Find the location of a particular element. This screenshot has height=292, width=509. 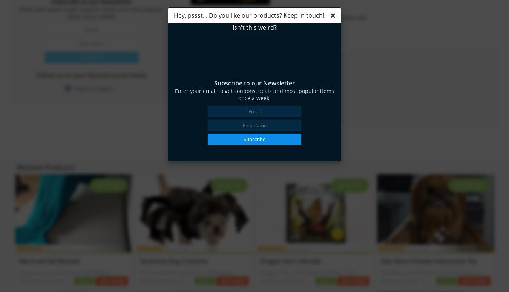

'Hey, pssst... Do you like our products? Keep in touch!' is located at coordinates (173, 15).